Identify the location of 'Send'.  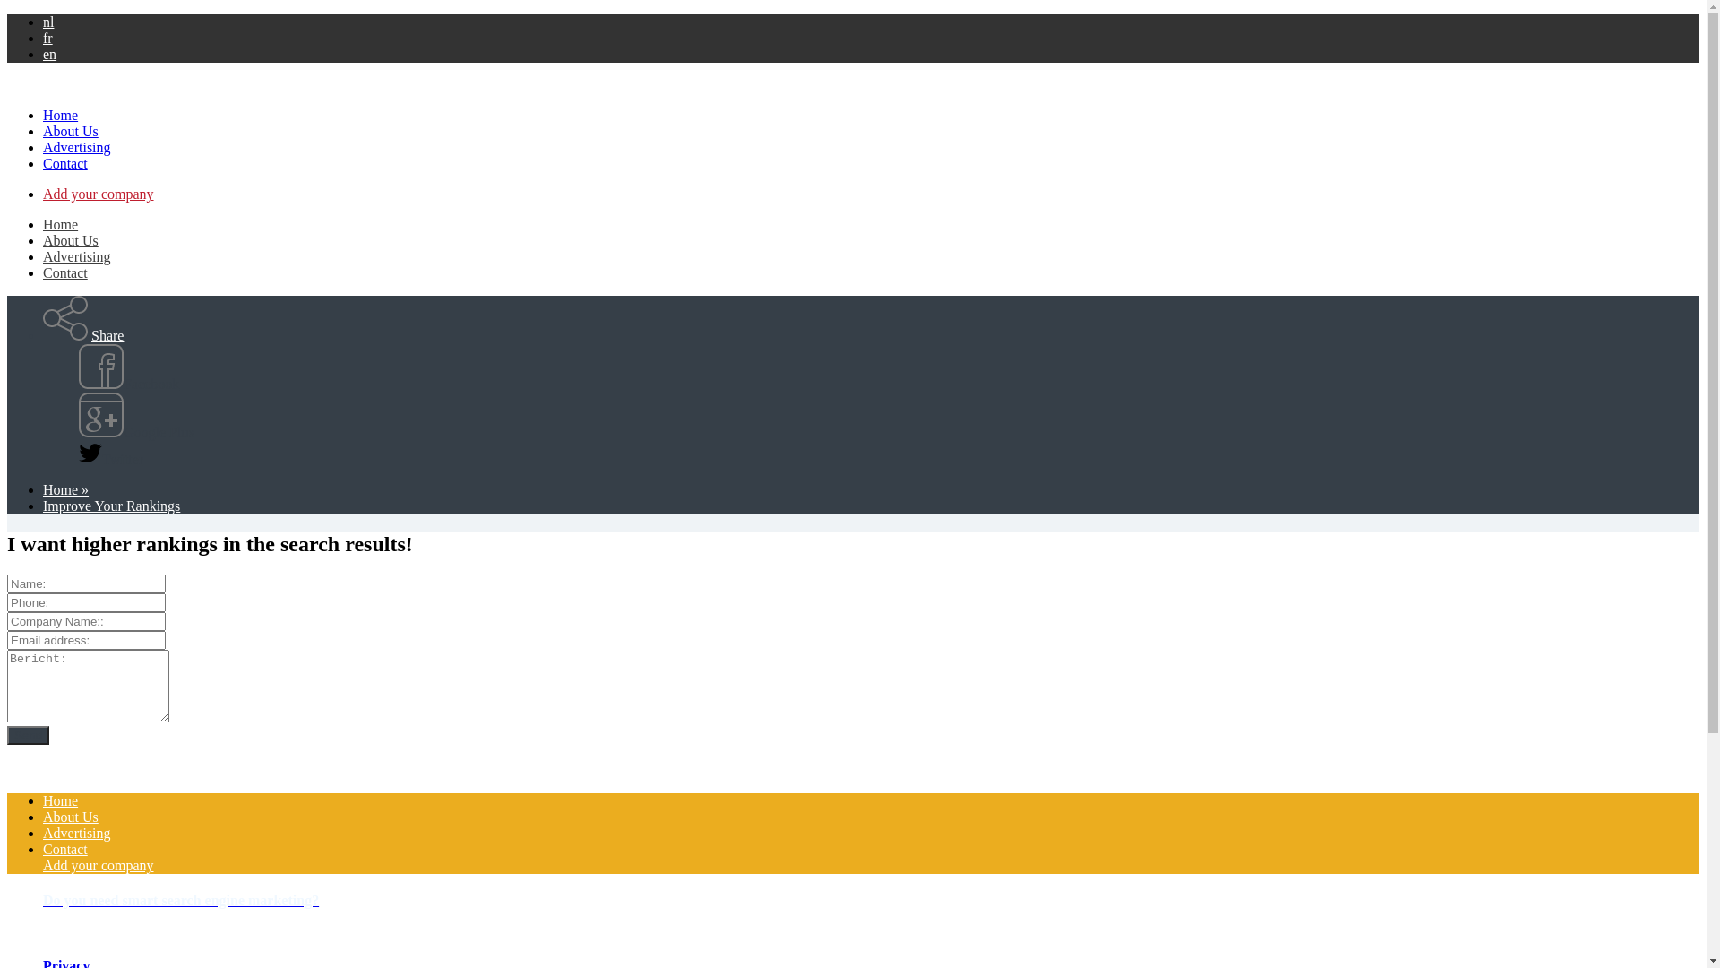
(28, 735).